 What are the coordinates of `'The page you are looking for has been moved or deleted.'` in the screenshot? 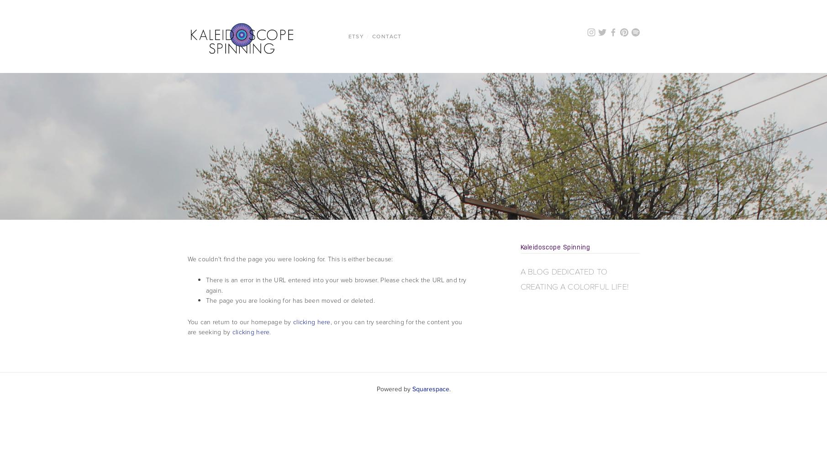 It's located at (290, 301).